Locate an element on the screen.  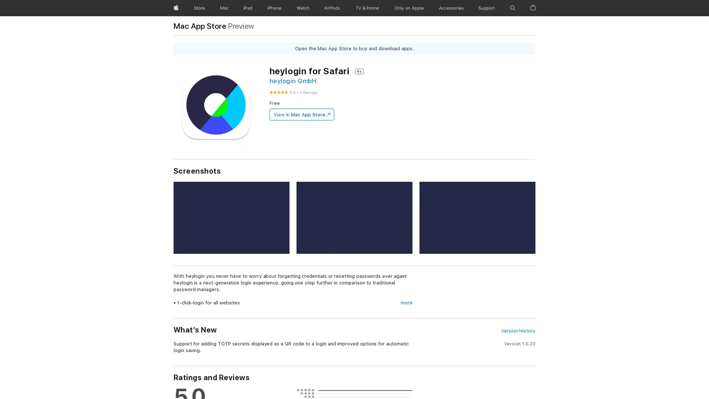
more is located at coordinates (406, 303).